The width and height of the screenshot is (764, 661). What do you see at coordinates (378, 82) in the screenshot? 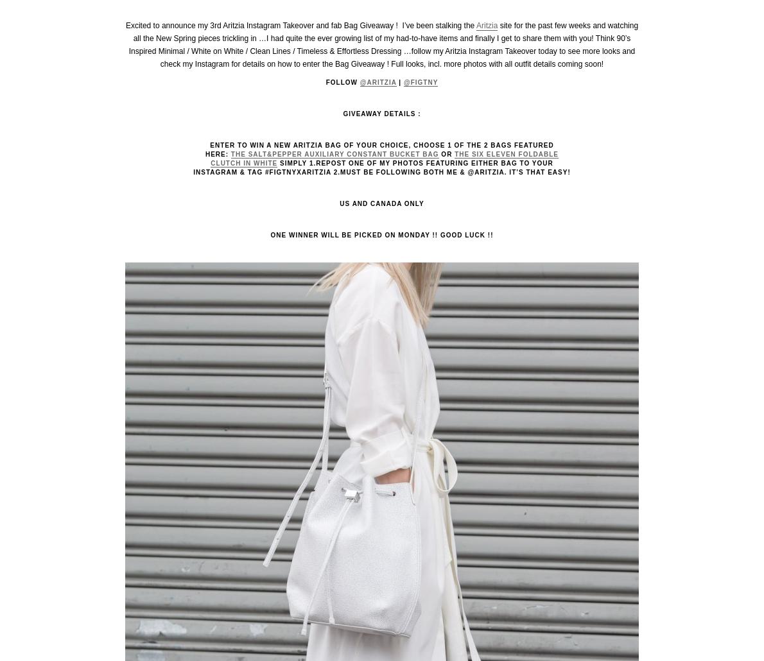
I see `'@aritzia'` at bounding box center [378, 82].